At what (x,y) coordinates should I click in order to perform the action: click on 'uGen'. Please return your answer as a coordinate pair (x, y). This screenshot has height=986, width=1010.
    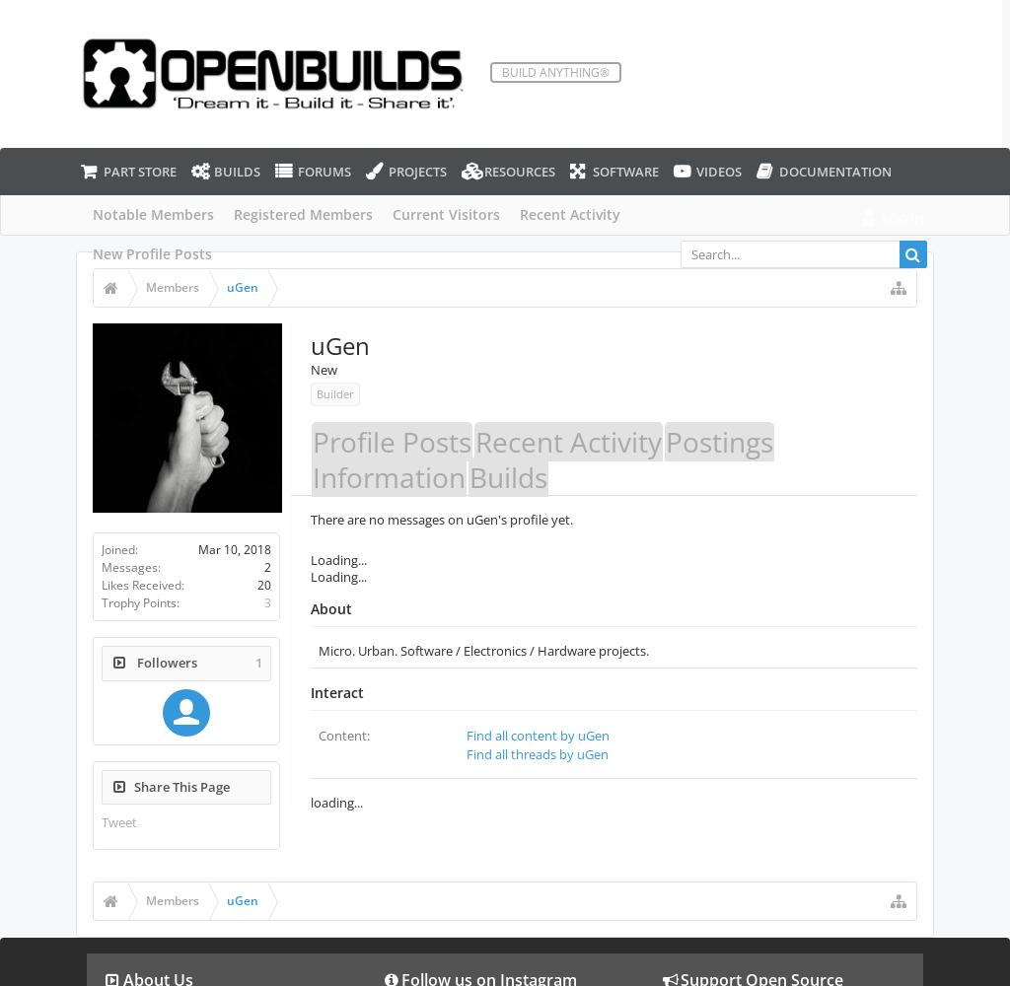
    Looking at the image, I should click on (338, 344).